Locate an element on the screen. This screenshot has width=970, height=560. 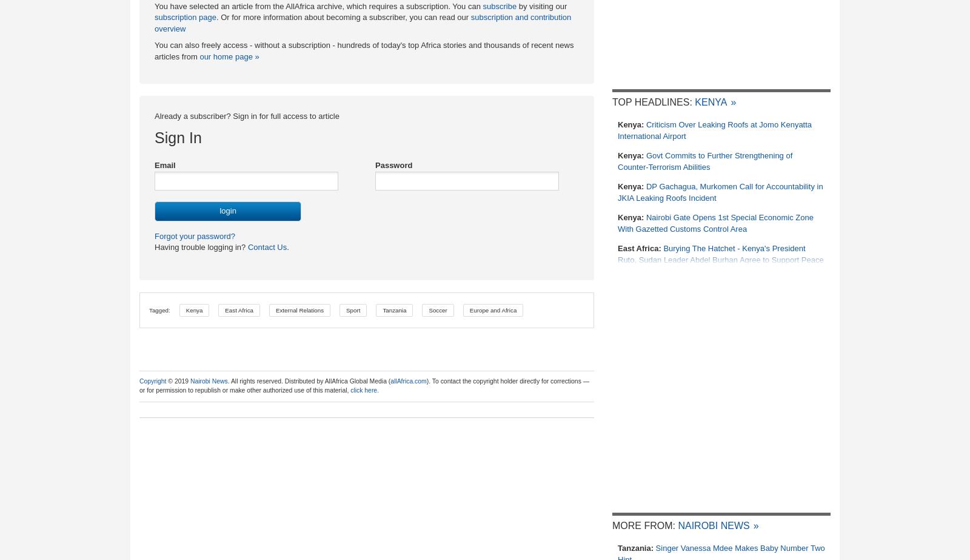
').
  To contact the copyright holder directly for corrections — or for permission to republish or make other authorized use of this material,' is located at coordinates (363, 385).